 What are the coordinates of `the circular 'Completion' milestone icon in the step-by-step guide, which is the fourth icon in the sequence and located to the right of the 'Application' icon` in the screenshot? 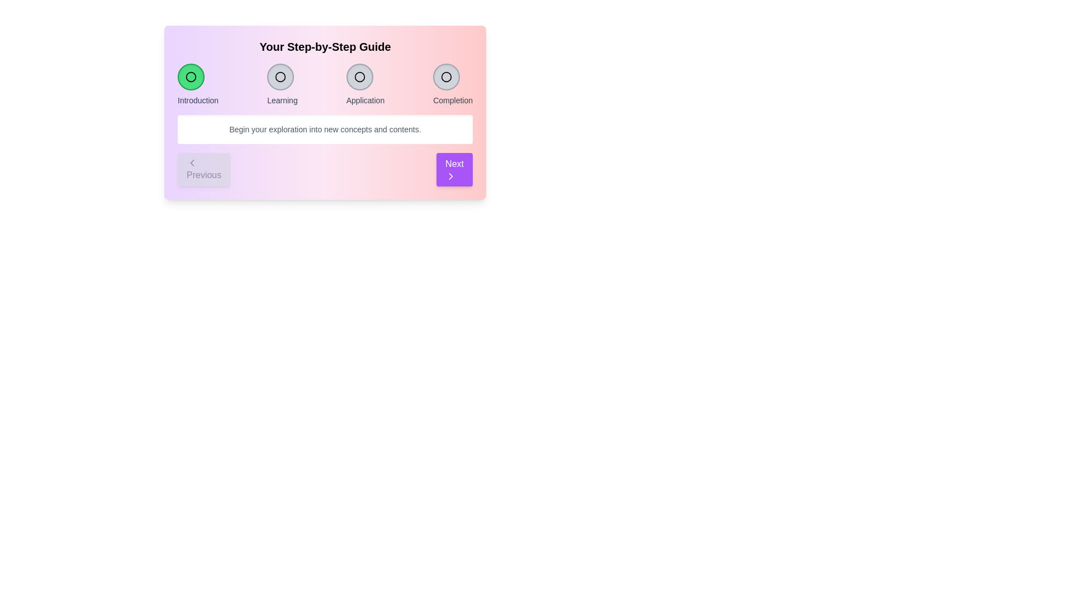 It's located at (446, 76).